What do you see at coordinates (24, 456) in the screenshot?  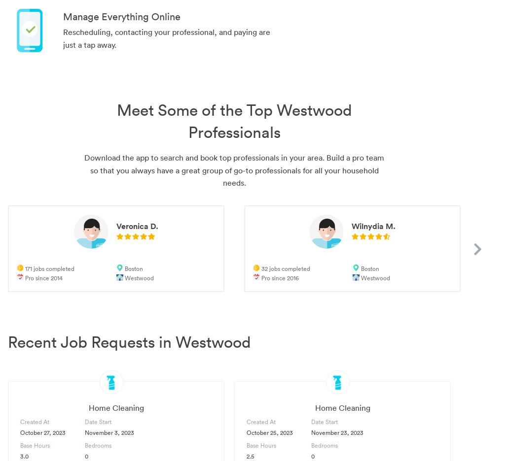 I see `'3.0'` at bounding box center [24, 456].